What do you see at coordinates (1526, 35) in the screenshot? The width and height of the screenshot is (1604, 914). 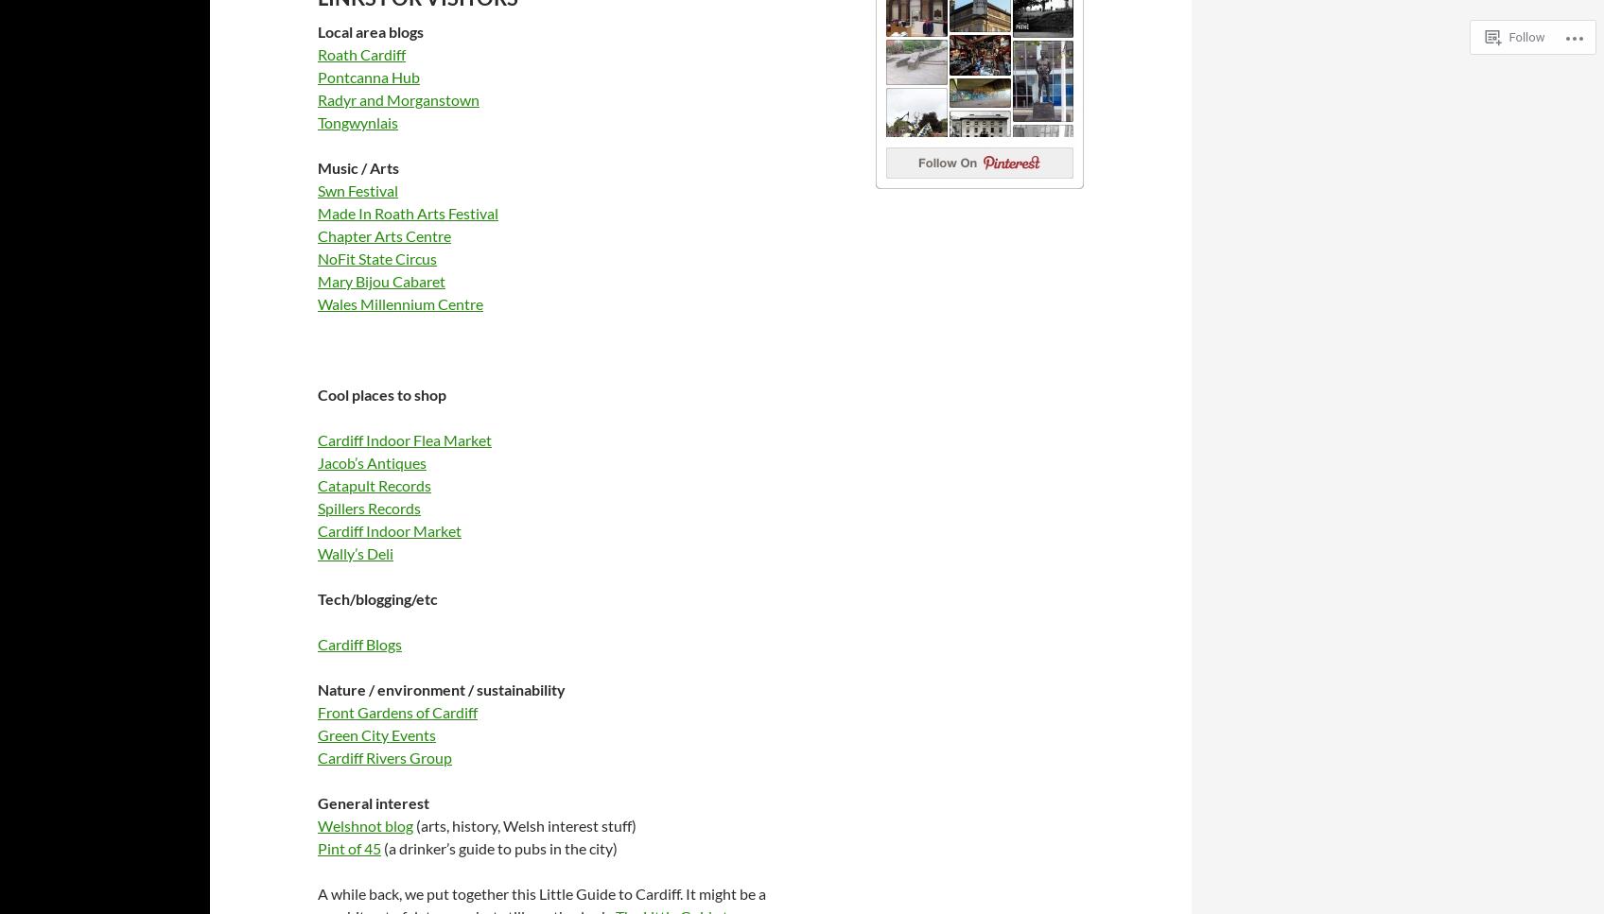 I see `'Follow'` at bounding box center [1526, 35].